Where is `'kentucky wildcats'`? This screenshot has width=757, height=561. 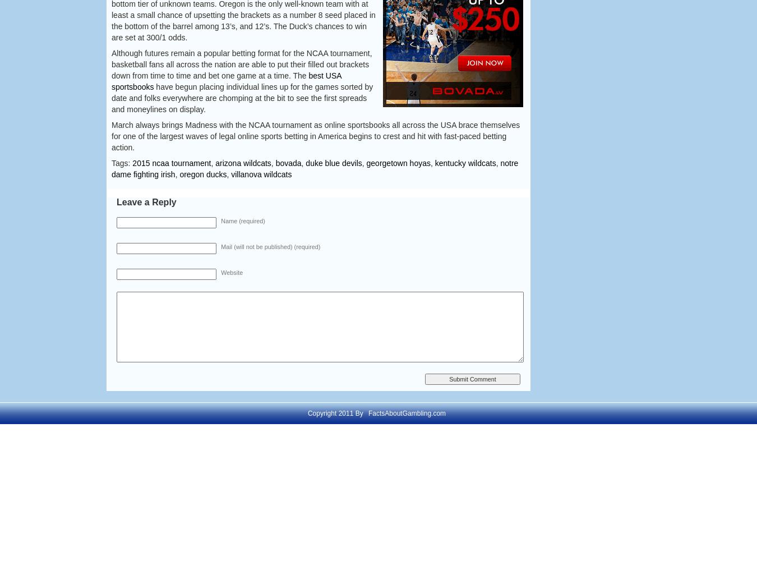
'kentucky wildcats' is located at coordinates (465, 163).